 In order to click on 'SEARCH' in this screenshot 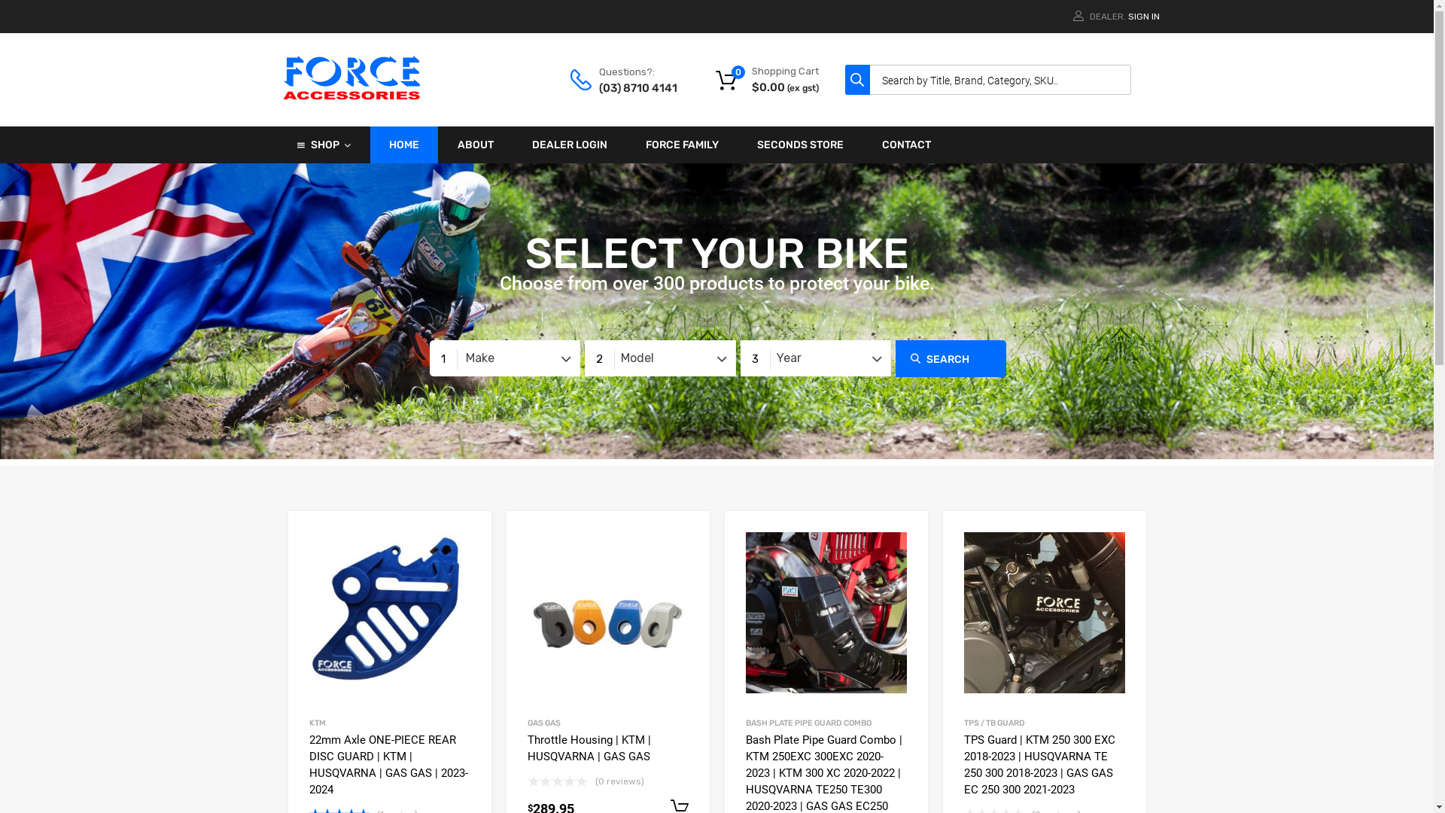, I will do `click(950, 358)`.